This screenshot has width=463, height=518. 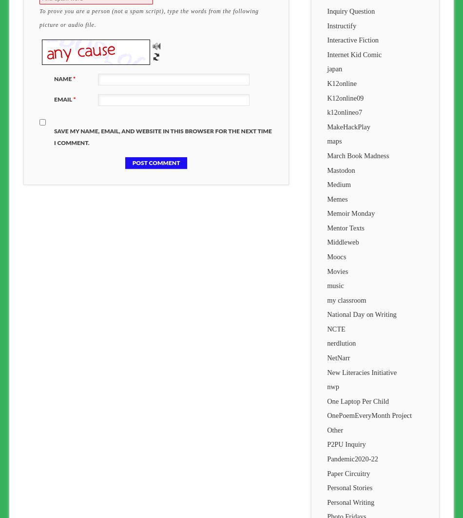 What do you see at coordinates (346, 444) in the screenshot?
I see `'P2PU Inquiry'` at bounding box center [346, 444].